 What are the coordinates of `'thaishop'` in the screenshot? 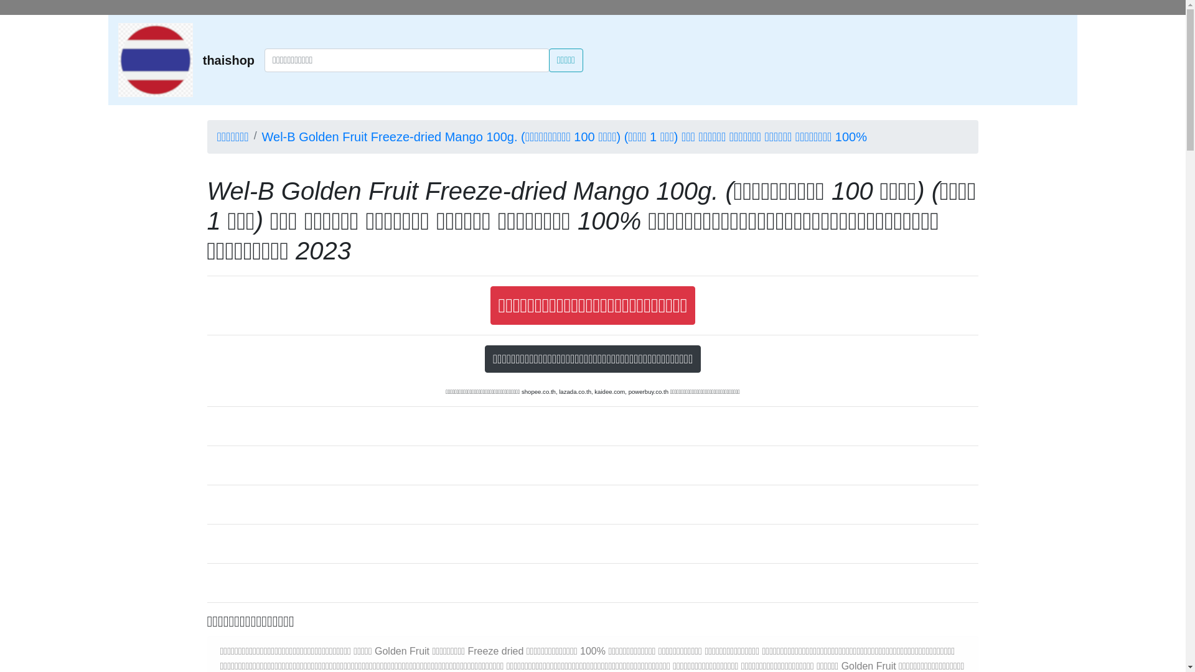 It's located at (228, 60).